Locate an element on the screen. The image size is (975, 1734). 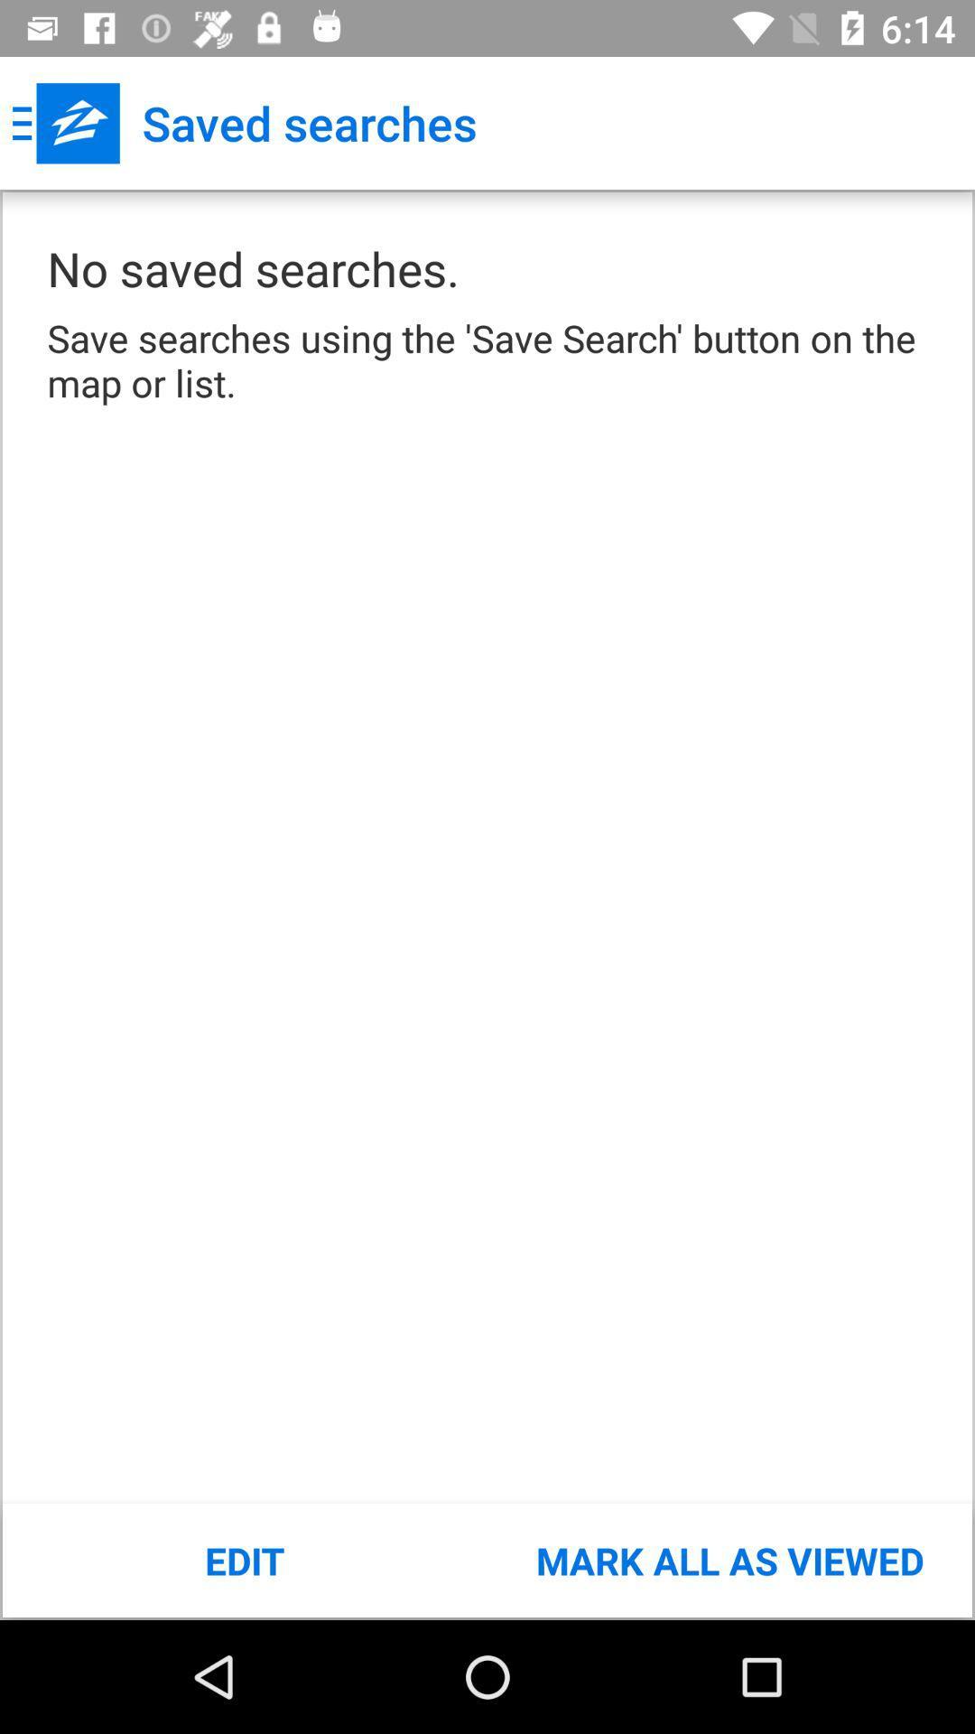
the icon at the bottom left corner is located at coordinates (245, 1560).